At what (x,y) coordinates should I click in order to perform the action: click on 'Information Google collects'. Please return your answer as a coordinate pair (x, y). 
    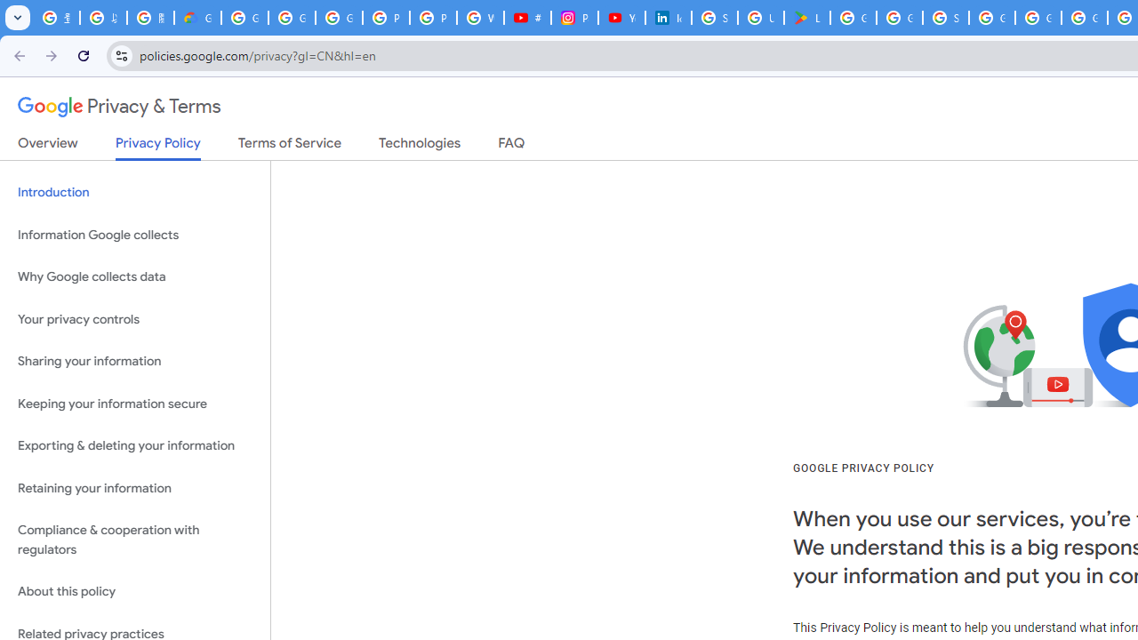
    Looking at the image, I should click on (134, 234).